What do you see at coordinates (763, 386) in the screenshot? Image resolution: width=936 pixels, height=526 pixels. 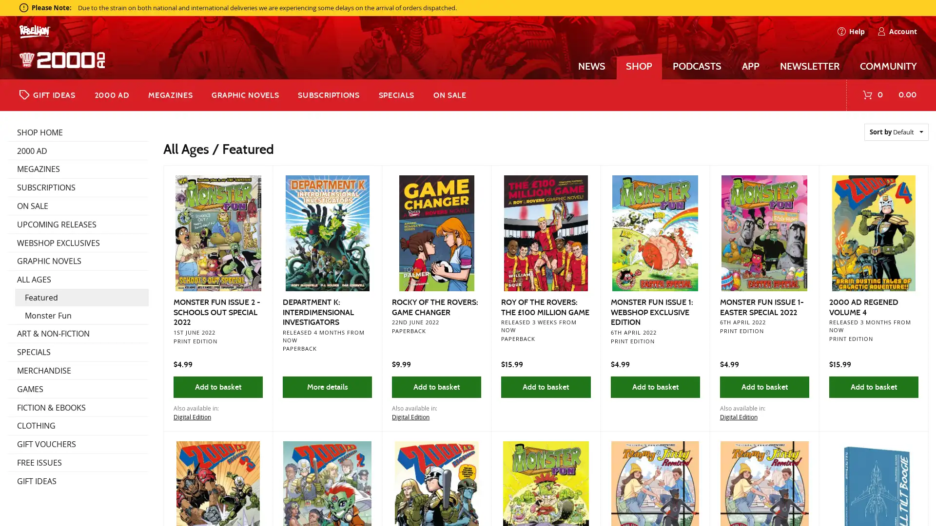 I see `Add to basket` at bounding box center [763, 386].